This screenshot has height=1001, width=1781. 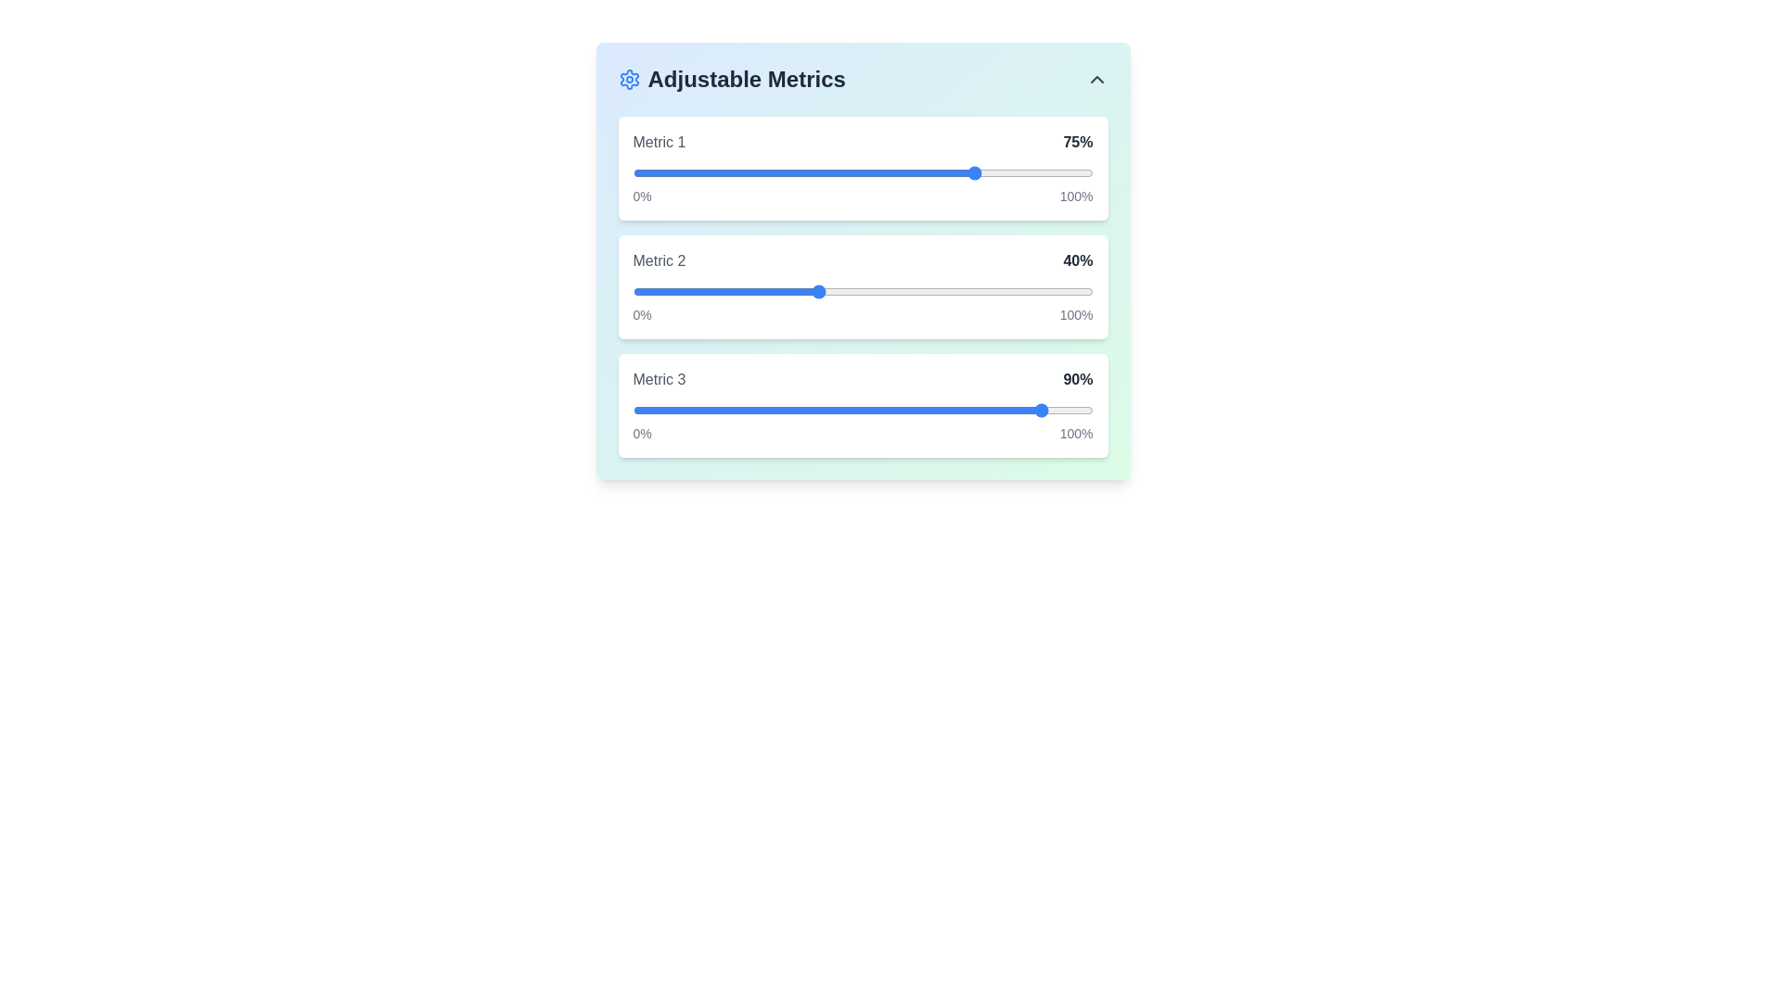 I want to click on the slider, so click(x=799, y=172).